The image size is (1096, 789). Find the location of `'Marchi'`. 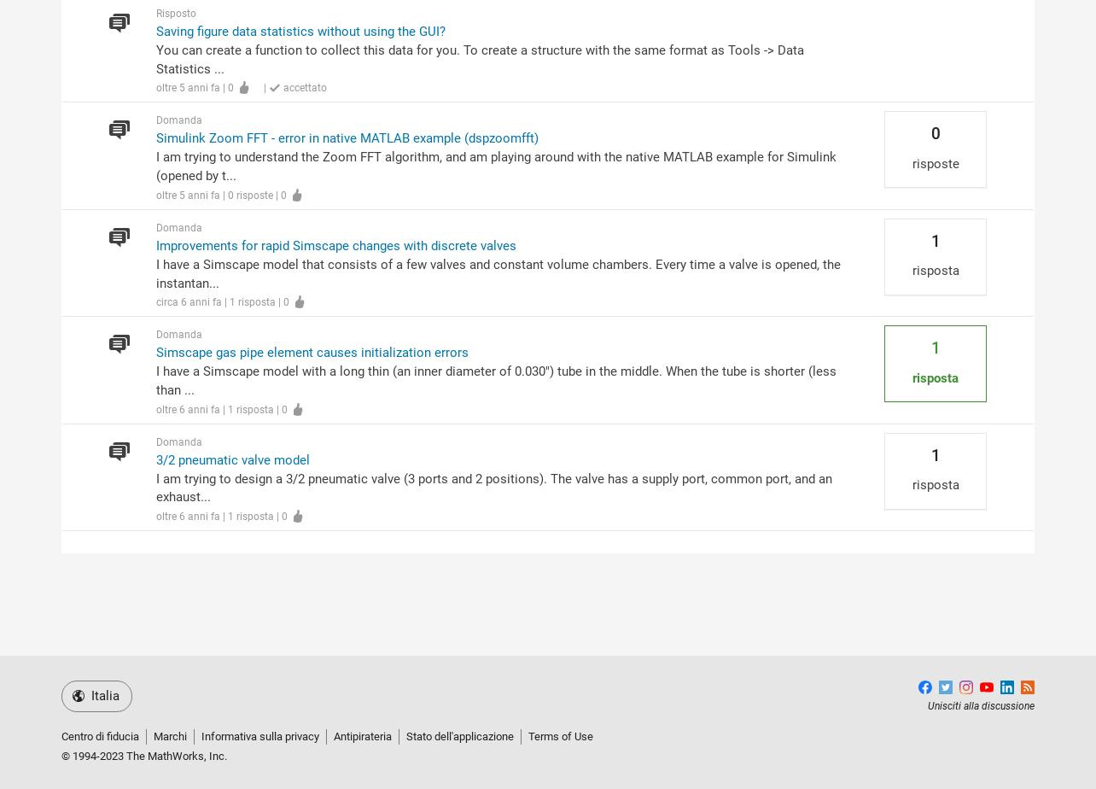

'Marchi' is located at coordinates (169, 736).